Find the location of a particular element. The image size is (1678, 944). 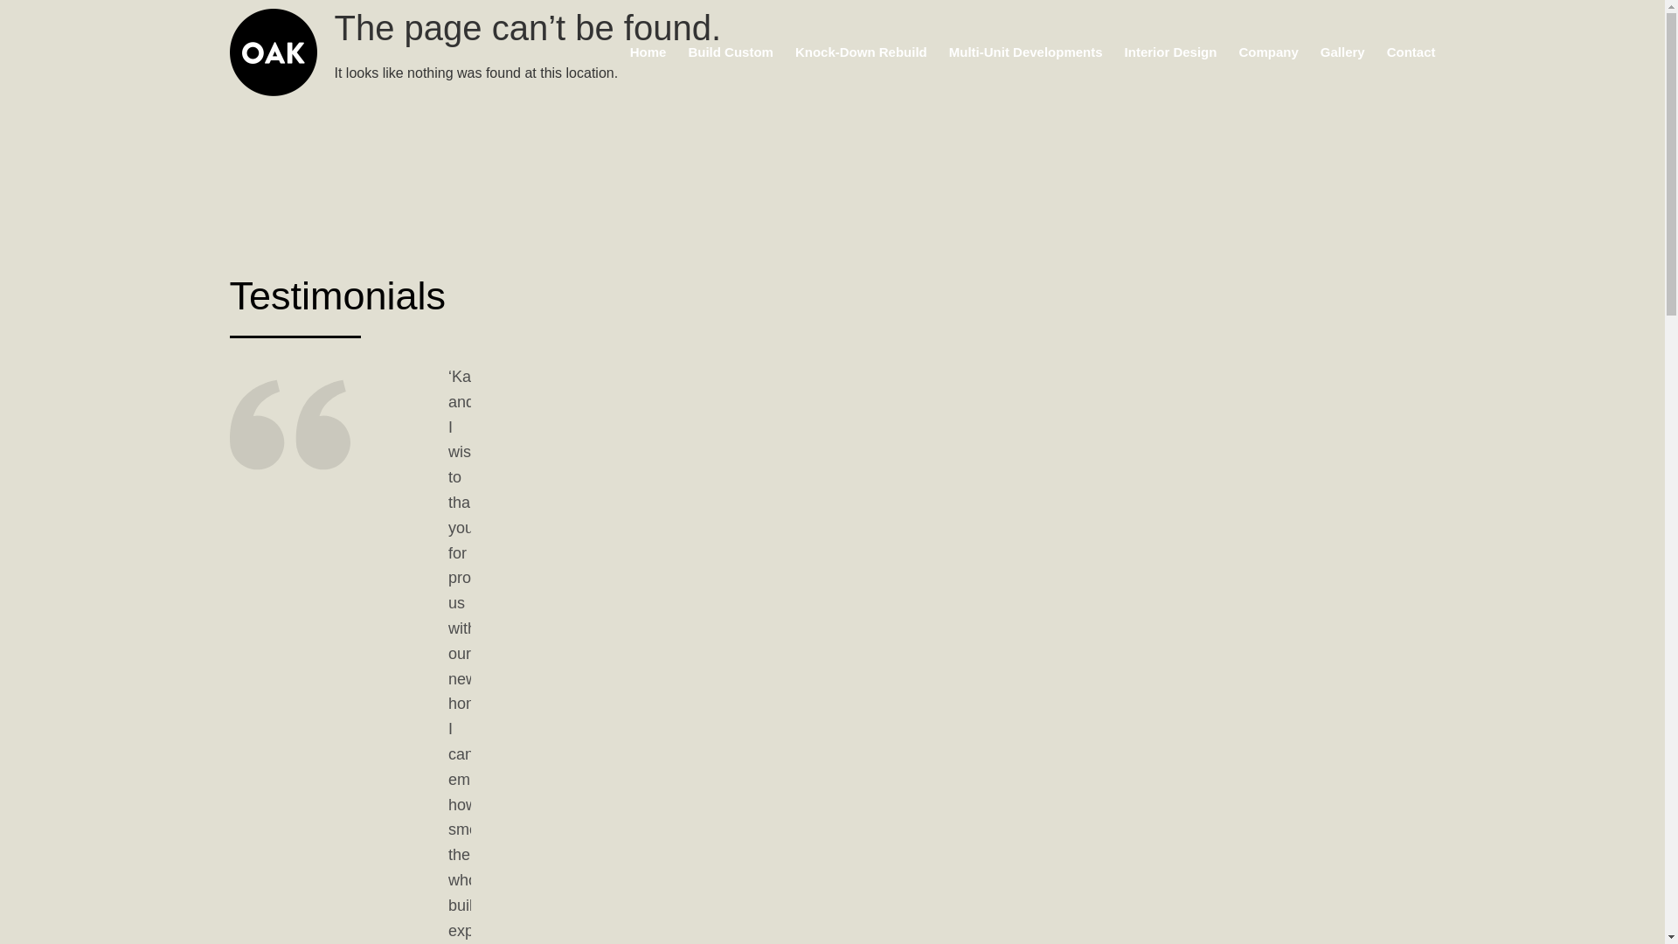

'Multi-Unit Developments' is located at coordinates (1026, 52).